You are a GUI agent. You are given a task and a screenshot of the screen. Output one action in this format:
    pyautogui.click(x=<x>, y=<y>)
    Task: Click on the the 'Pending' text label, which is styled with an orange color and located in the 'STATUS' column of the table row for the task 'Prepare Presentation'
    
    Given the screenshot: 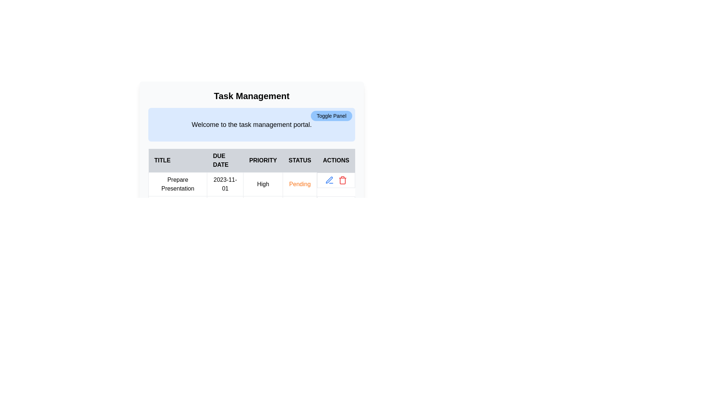 What is the action you would take?
    pyautogui.click(x=300, y=184)
    